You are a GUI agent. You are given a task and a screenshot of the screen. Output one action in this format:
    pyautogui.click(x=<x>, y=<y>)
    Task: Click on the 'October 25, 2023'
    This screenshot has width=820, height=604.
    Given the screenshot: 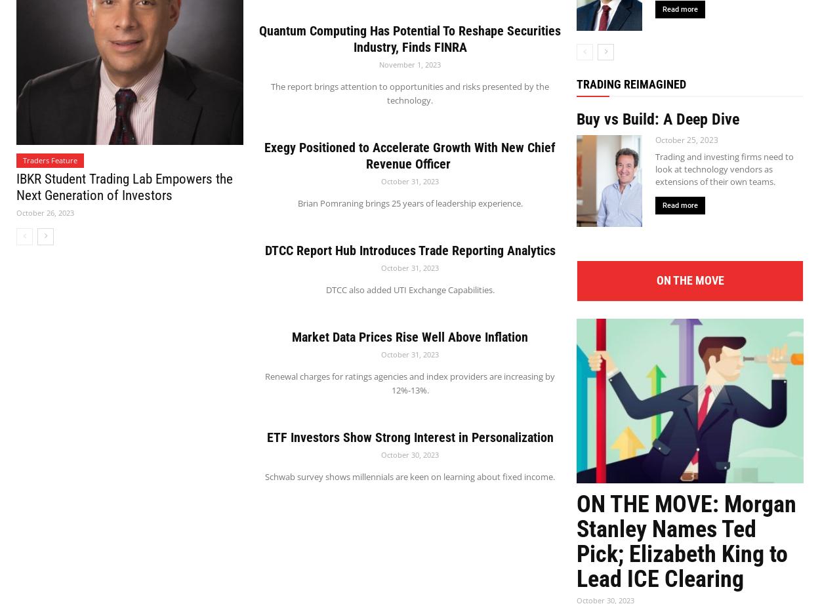 What is the action you would take?
    pyautogui.click(x=687, y=138)
    